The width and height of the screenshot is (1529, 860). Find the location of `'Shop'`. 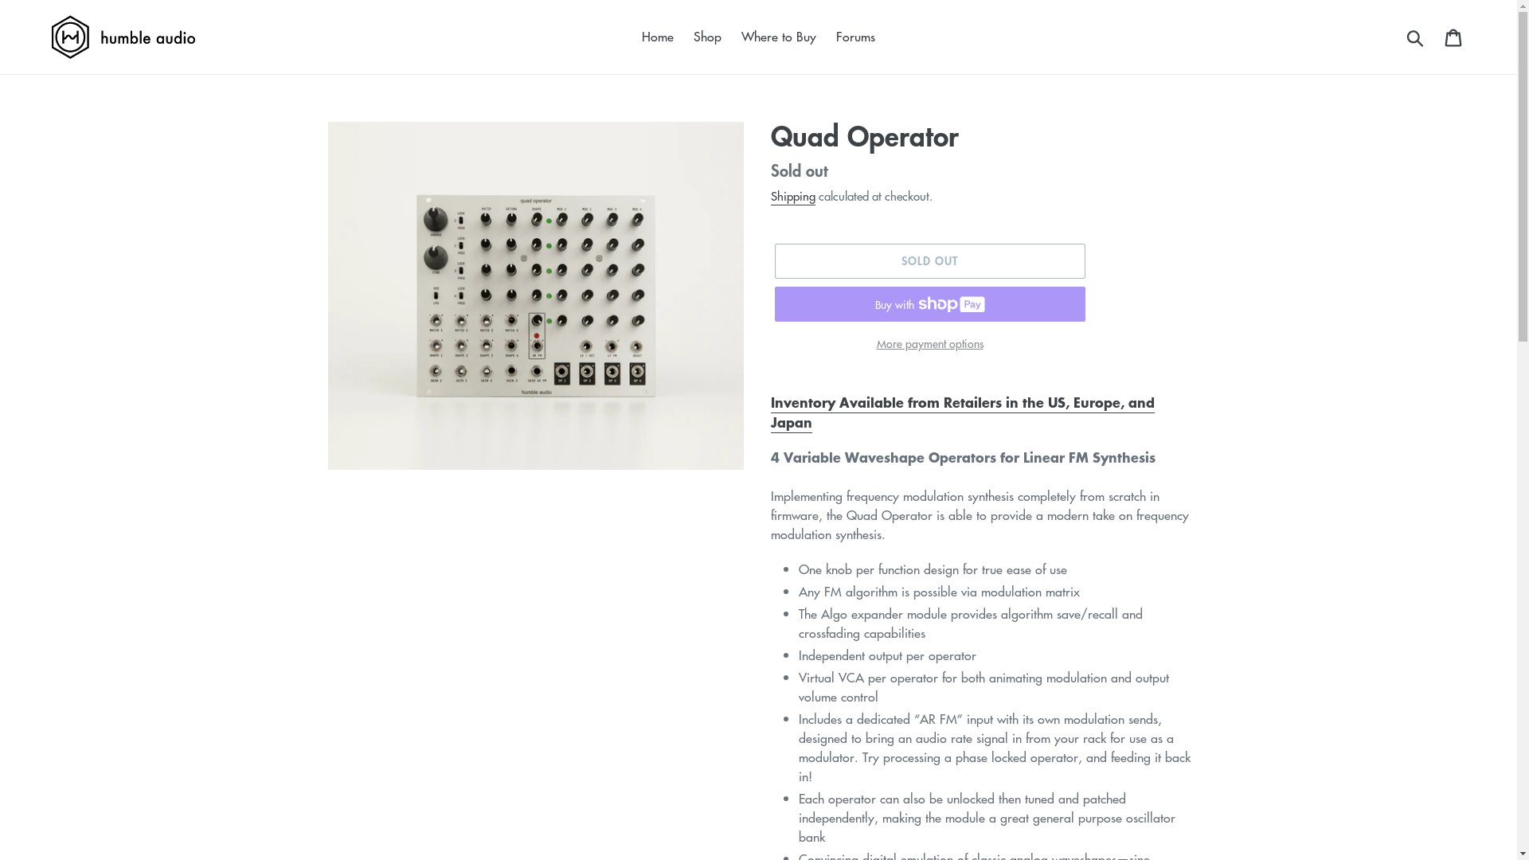

'Shop' is located at coordinates (706, 36).